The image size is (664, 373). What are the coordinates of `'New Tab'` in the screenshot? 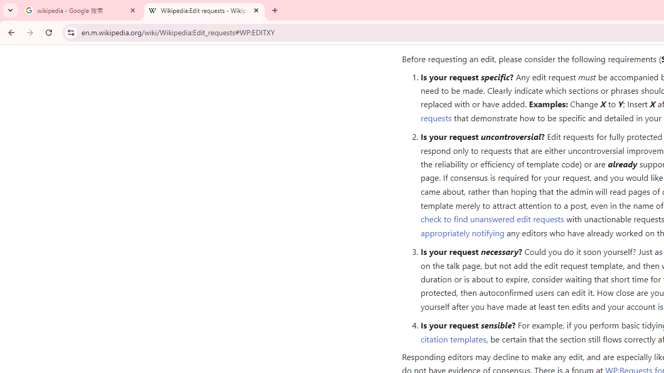 It's located at (274, 10).